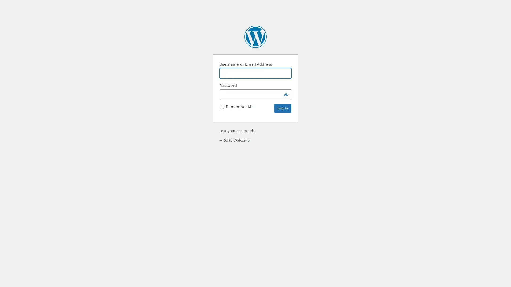  I want to click on Log In, so click(282, 108).